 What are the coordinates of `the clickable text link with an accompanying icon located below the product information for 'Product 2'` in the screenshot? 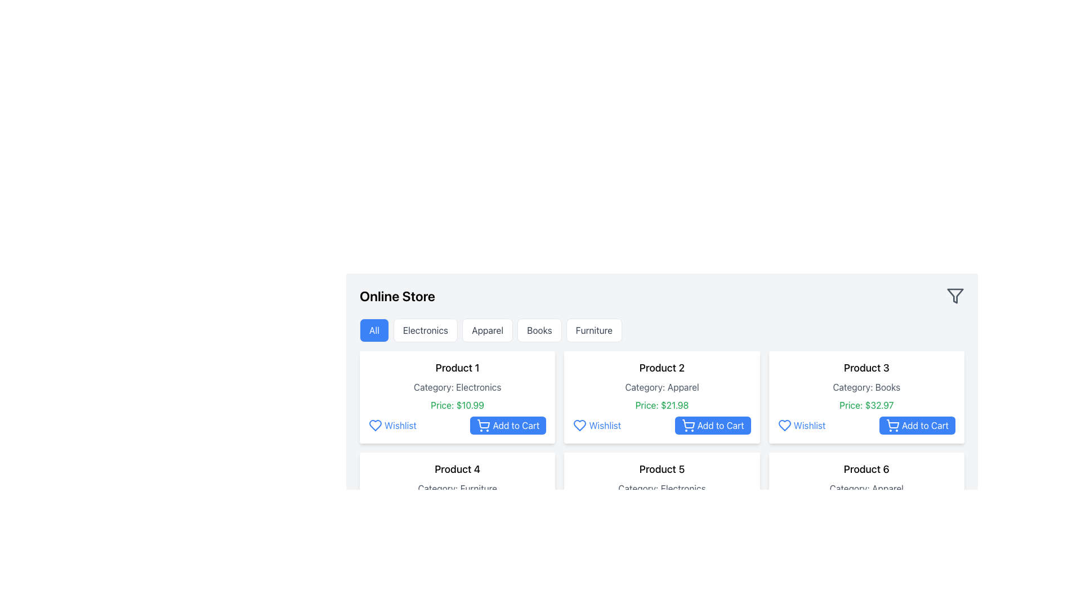 It's located at (596, 426).